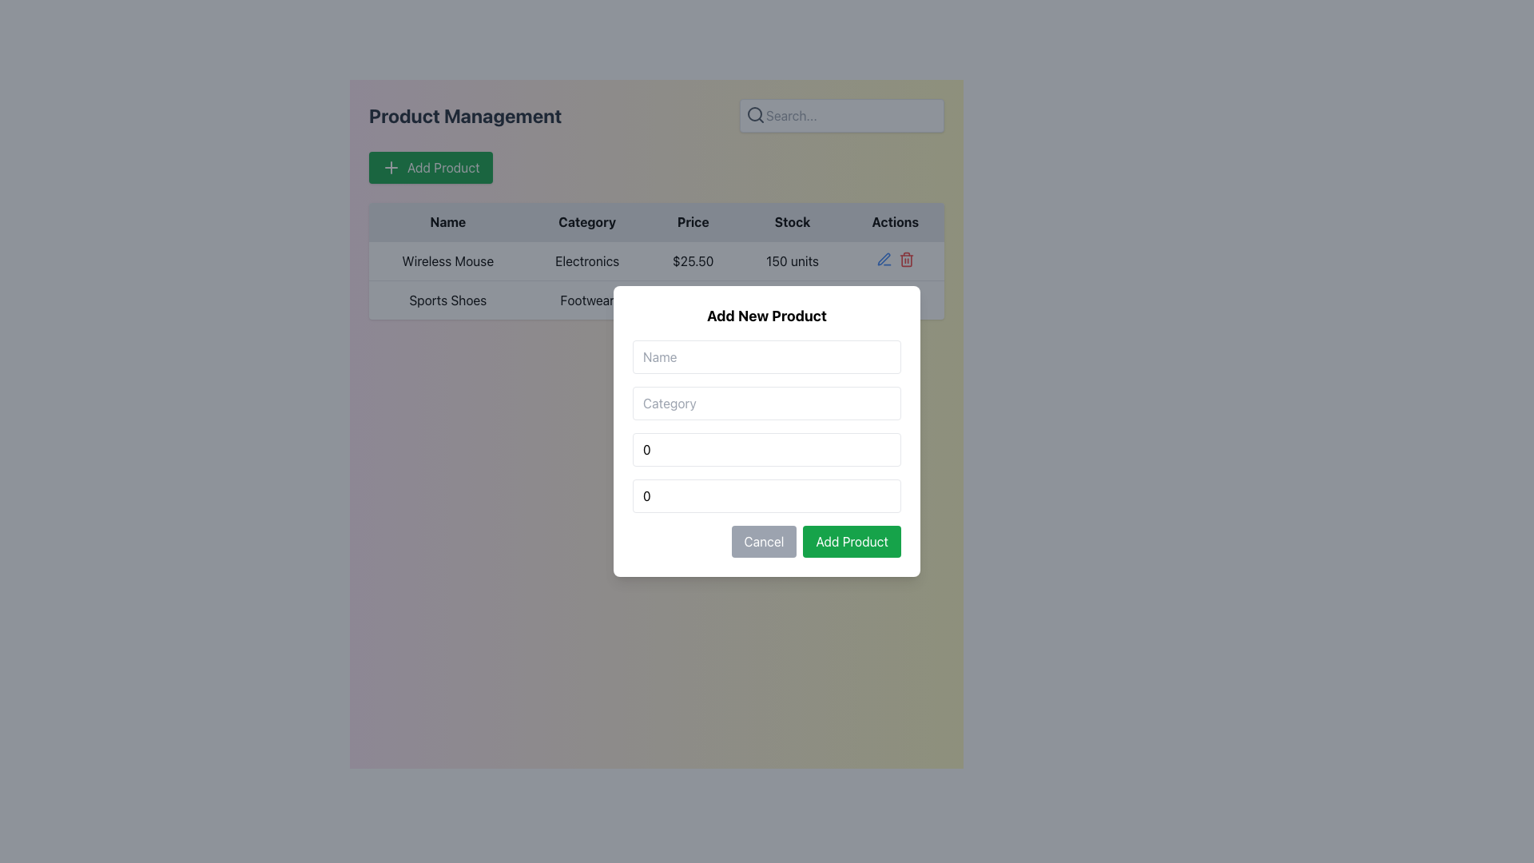  I want to click on the text header that displays 'Add New Product', which is centered at the top of the modal card, so click(767, 316).